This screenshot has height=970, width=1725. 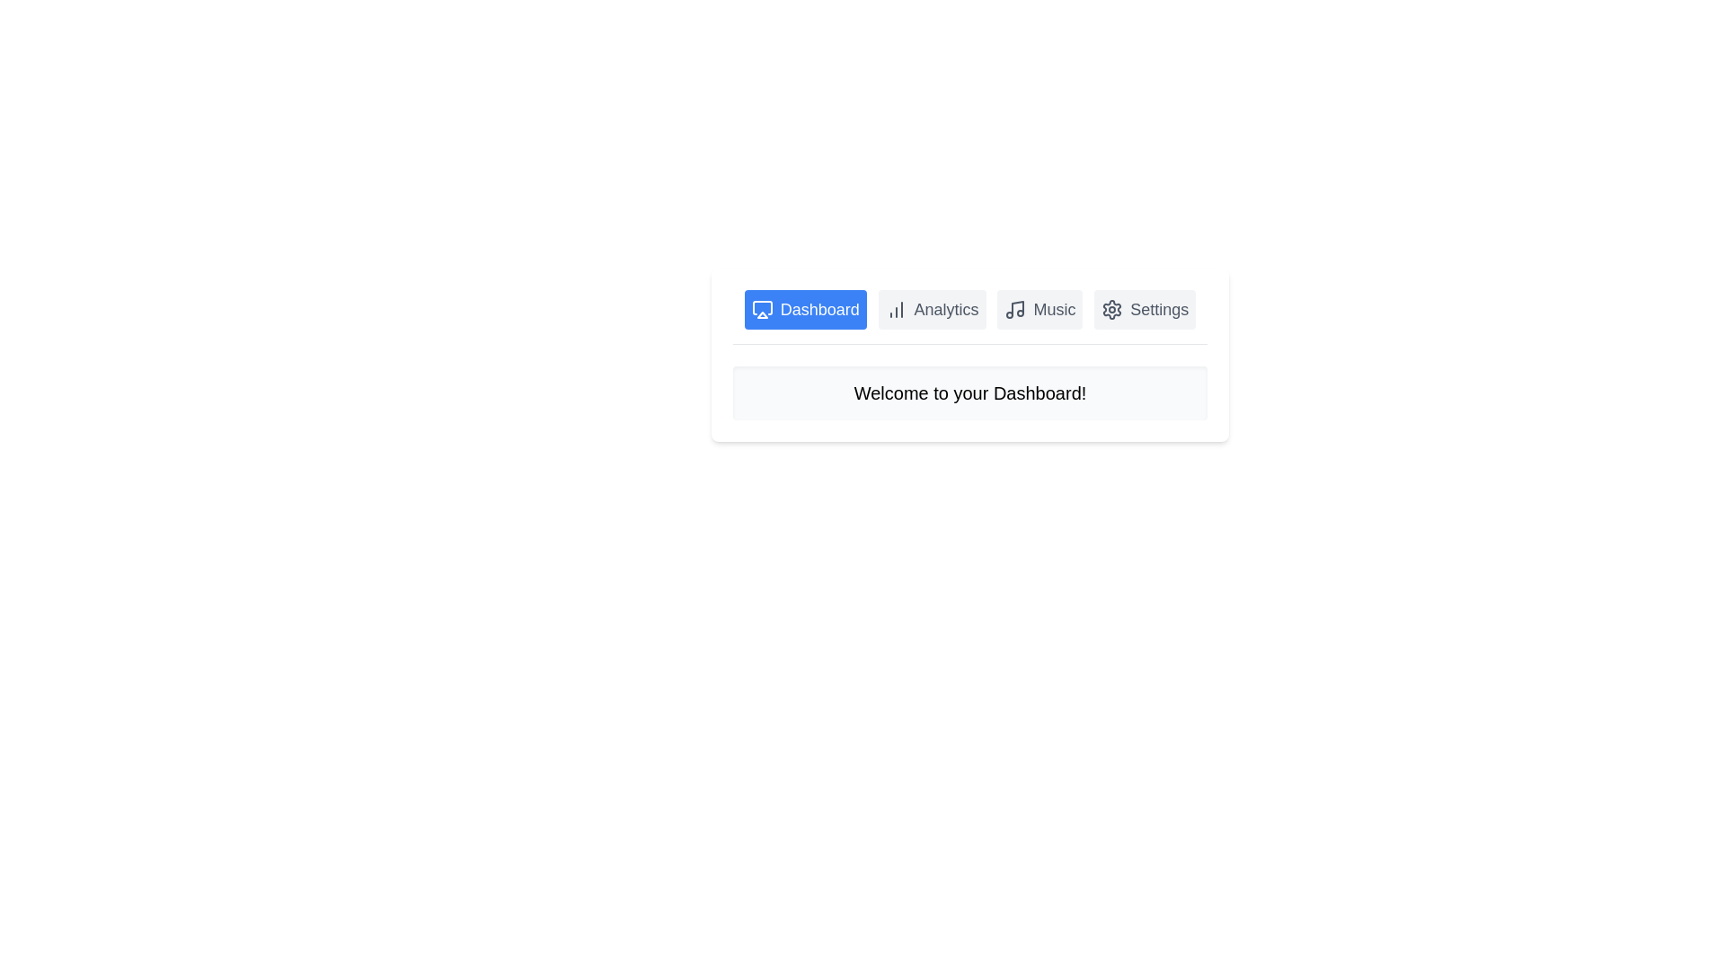 What do you see at coordinates (1111, 308) in the screenshot?
I see `the settings icon located in the navigation bar for keyboard navigation` at bounding box center [1111, 308].